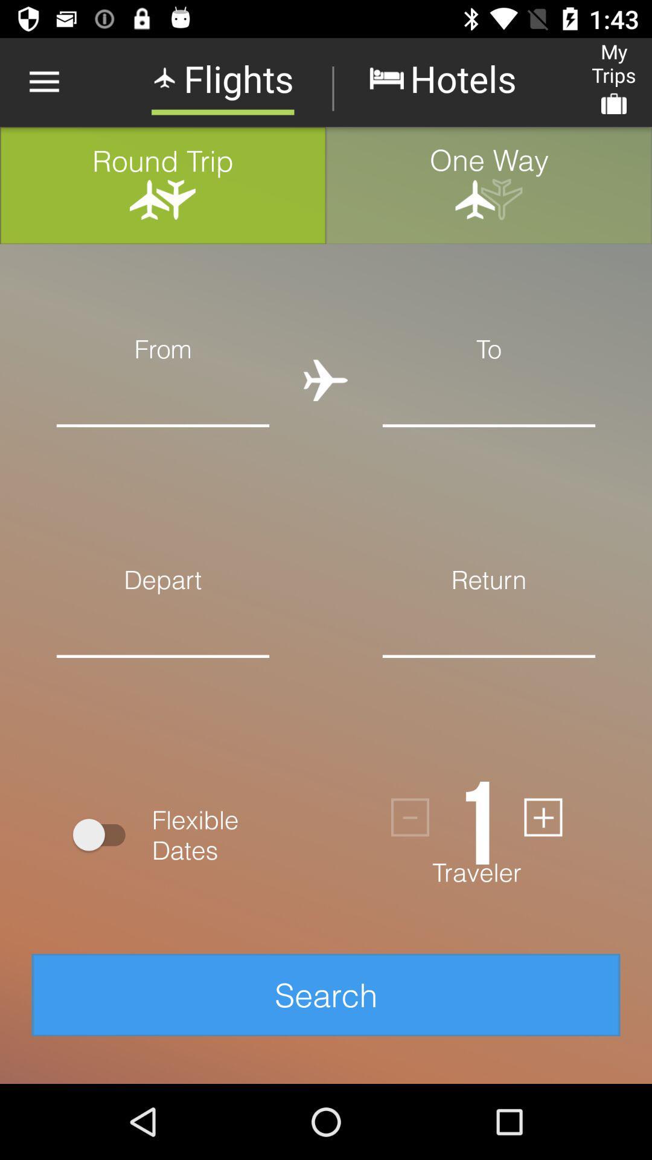 This screenshot has height=1160, width=652. I want to click on icon above the search item, so click(104, 834).